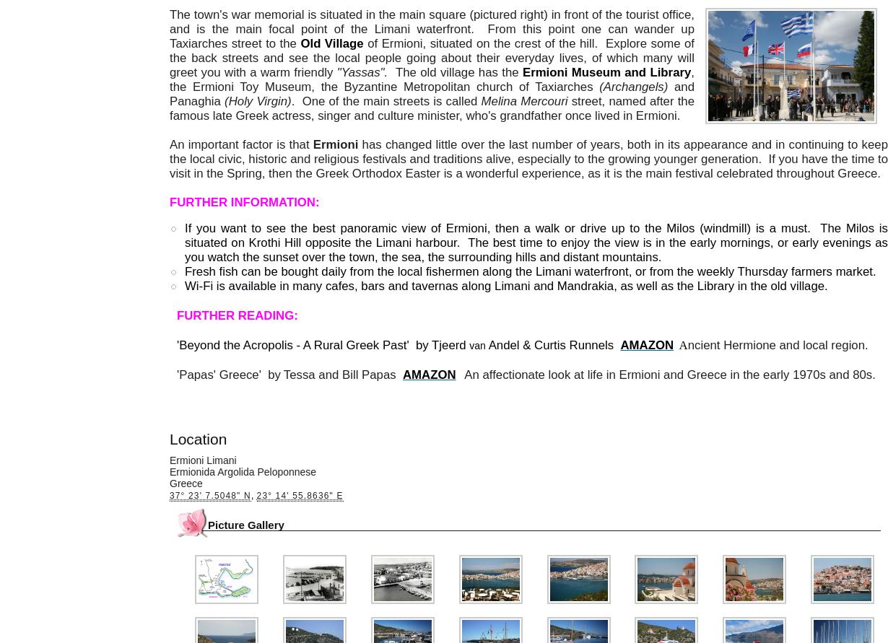 This screenshot has width=888, height=643. What do you see at coordinates (412, 271) in the screenshot?
I see `'Fresh fish can be bought daily from the local fishermen along the Limani waterfront, o'` at bounding box center [412, 271].